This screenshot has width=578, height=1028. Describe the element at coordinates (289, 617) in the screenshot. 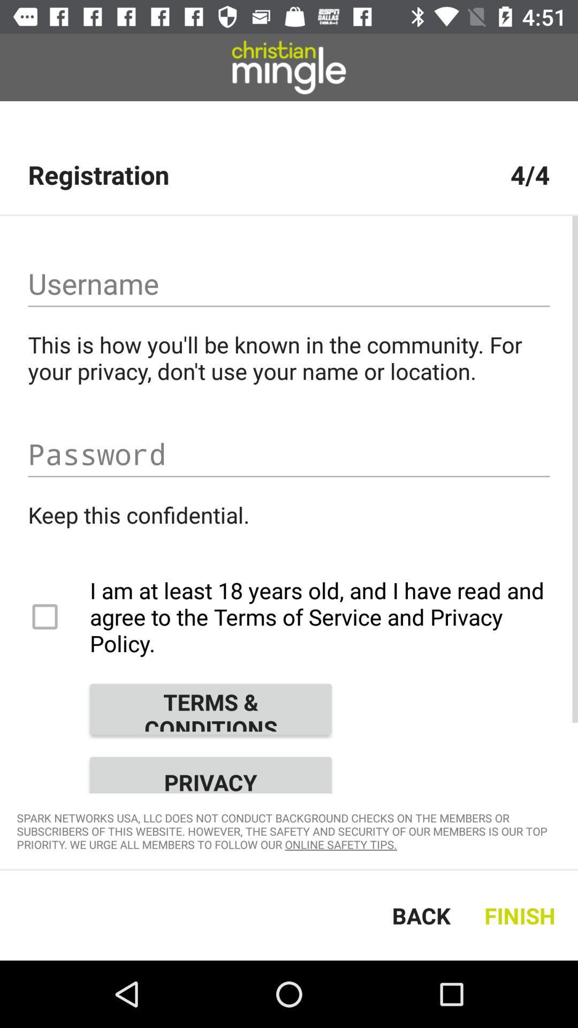

I see `icon above terms & conditions icon` at that location.